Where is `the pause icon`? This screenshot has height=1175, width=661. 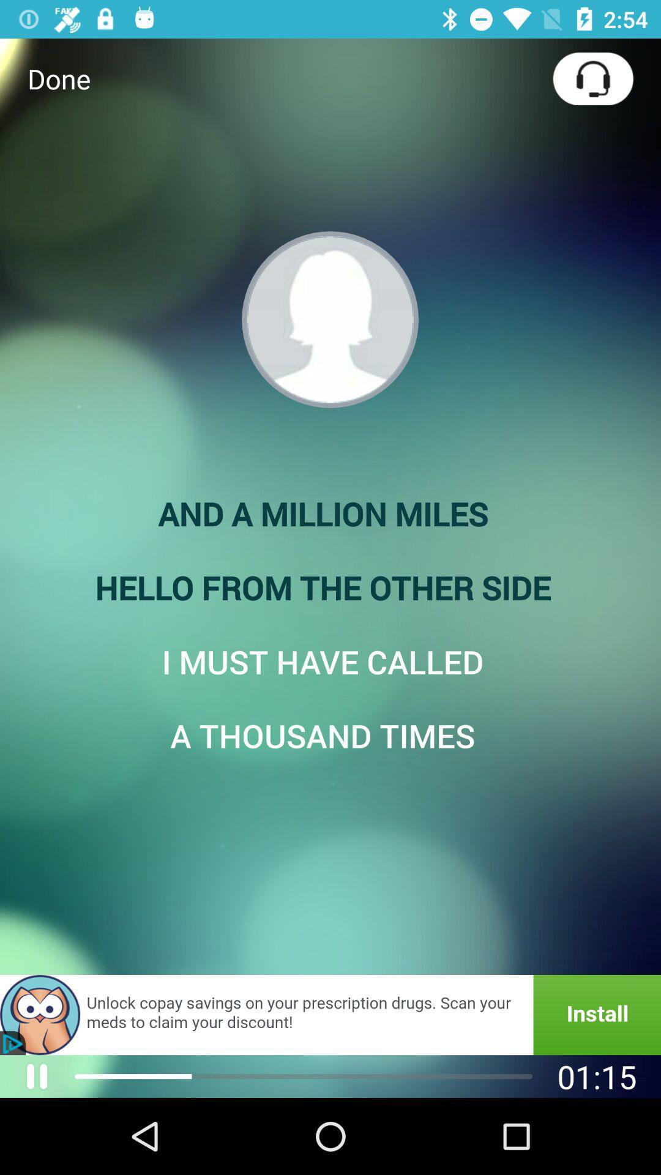
the pause icon is located at coordinates (37, 1076).